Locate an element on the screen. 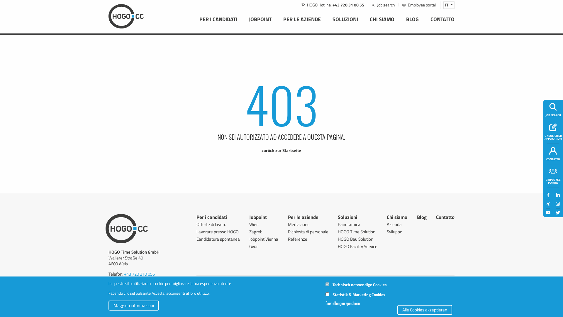 This screenshot has width=563, height=317. 'Xing' is located at coordinates (548, 203).